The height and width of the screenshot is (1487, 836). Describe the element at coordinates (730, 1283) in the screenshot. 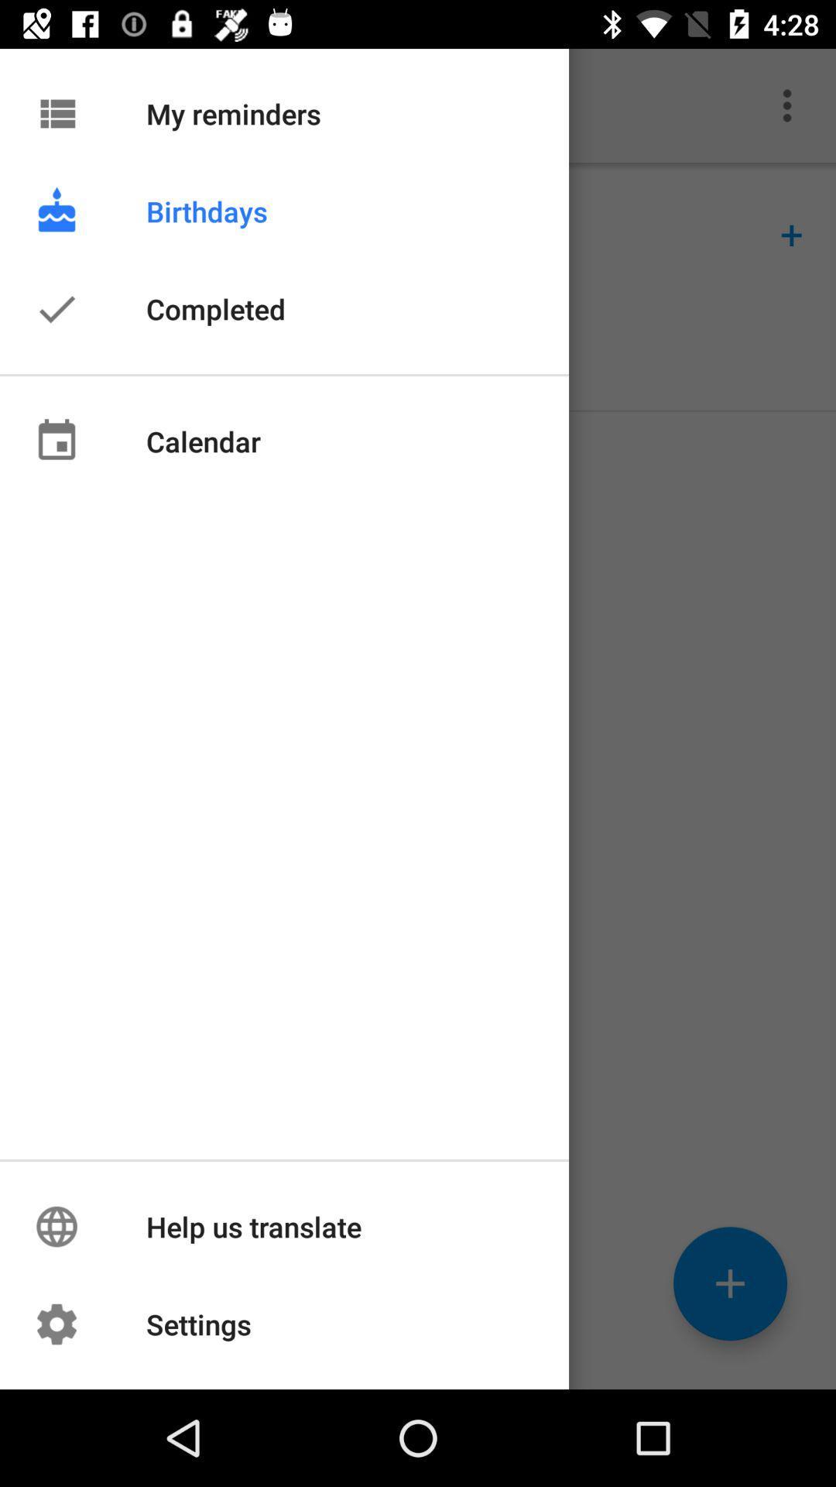

I see `the add icon` at that location.